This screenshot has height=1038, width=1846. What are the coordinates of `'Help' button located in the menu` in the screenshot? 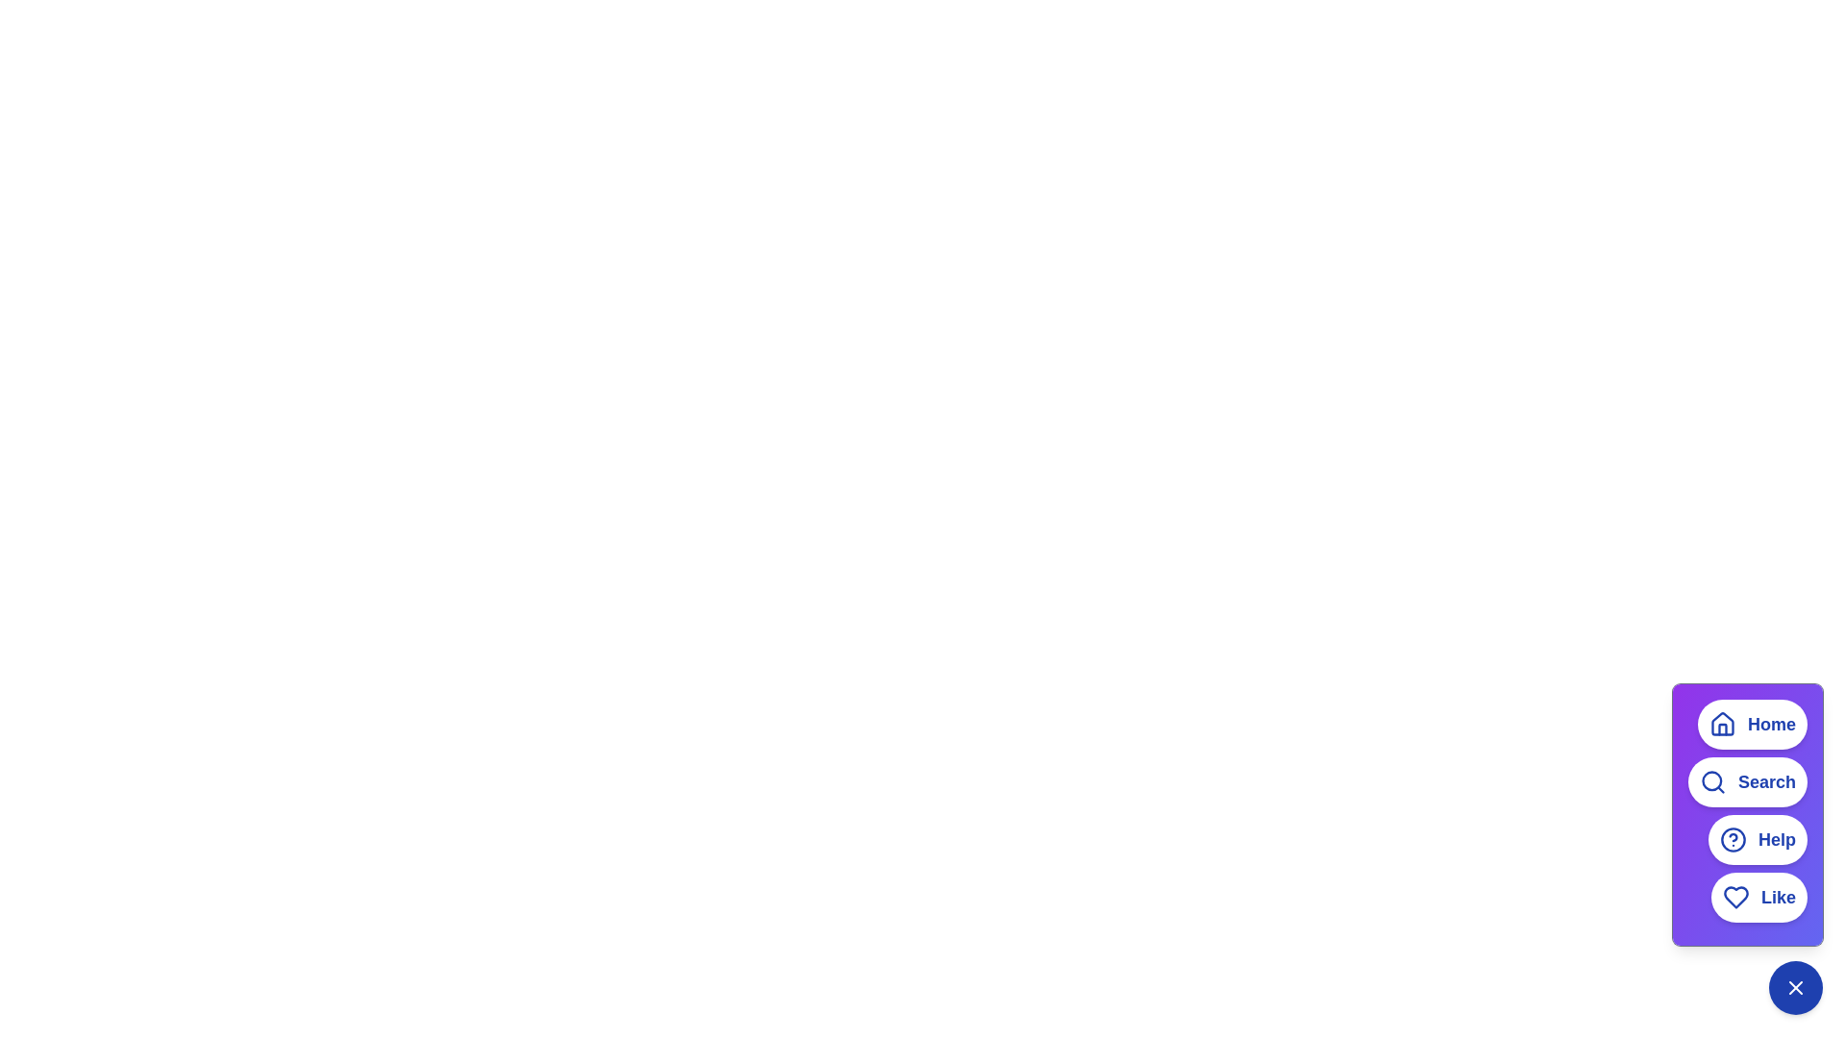 It's located at (1758, 839).